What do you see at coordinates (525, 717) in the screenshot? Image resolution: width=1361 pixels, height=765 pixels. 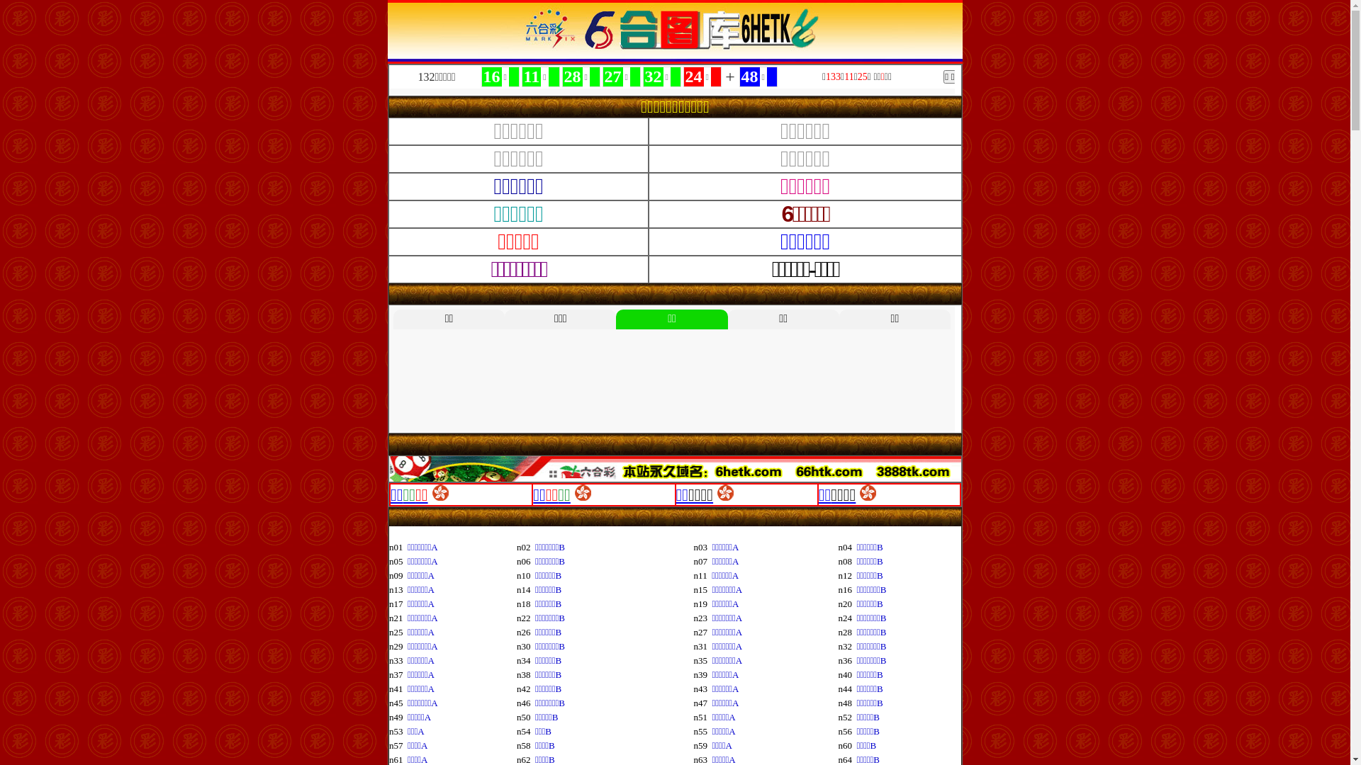 I see `'n50 '` at bounding box center [525, 717].